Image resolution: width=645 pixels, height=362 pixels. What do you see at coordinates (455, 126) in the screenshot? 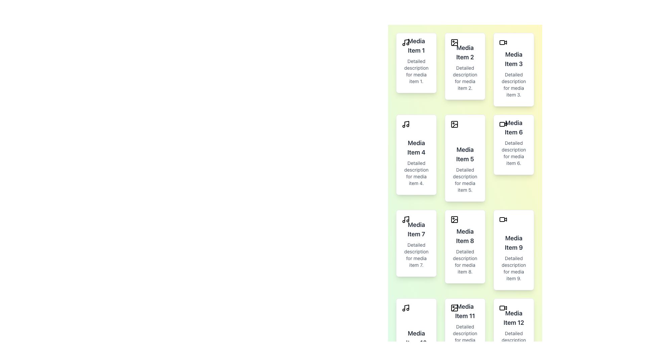
I see `the SVG-based graphical icon representing an image or media feature located in the fifth card of a 4x3 grid, specifically in the second row and second column` at bounding box center [455, 126].